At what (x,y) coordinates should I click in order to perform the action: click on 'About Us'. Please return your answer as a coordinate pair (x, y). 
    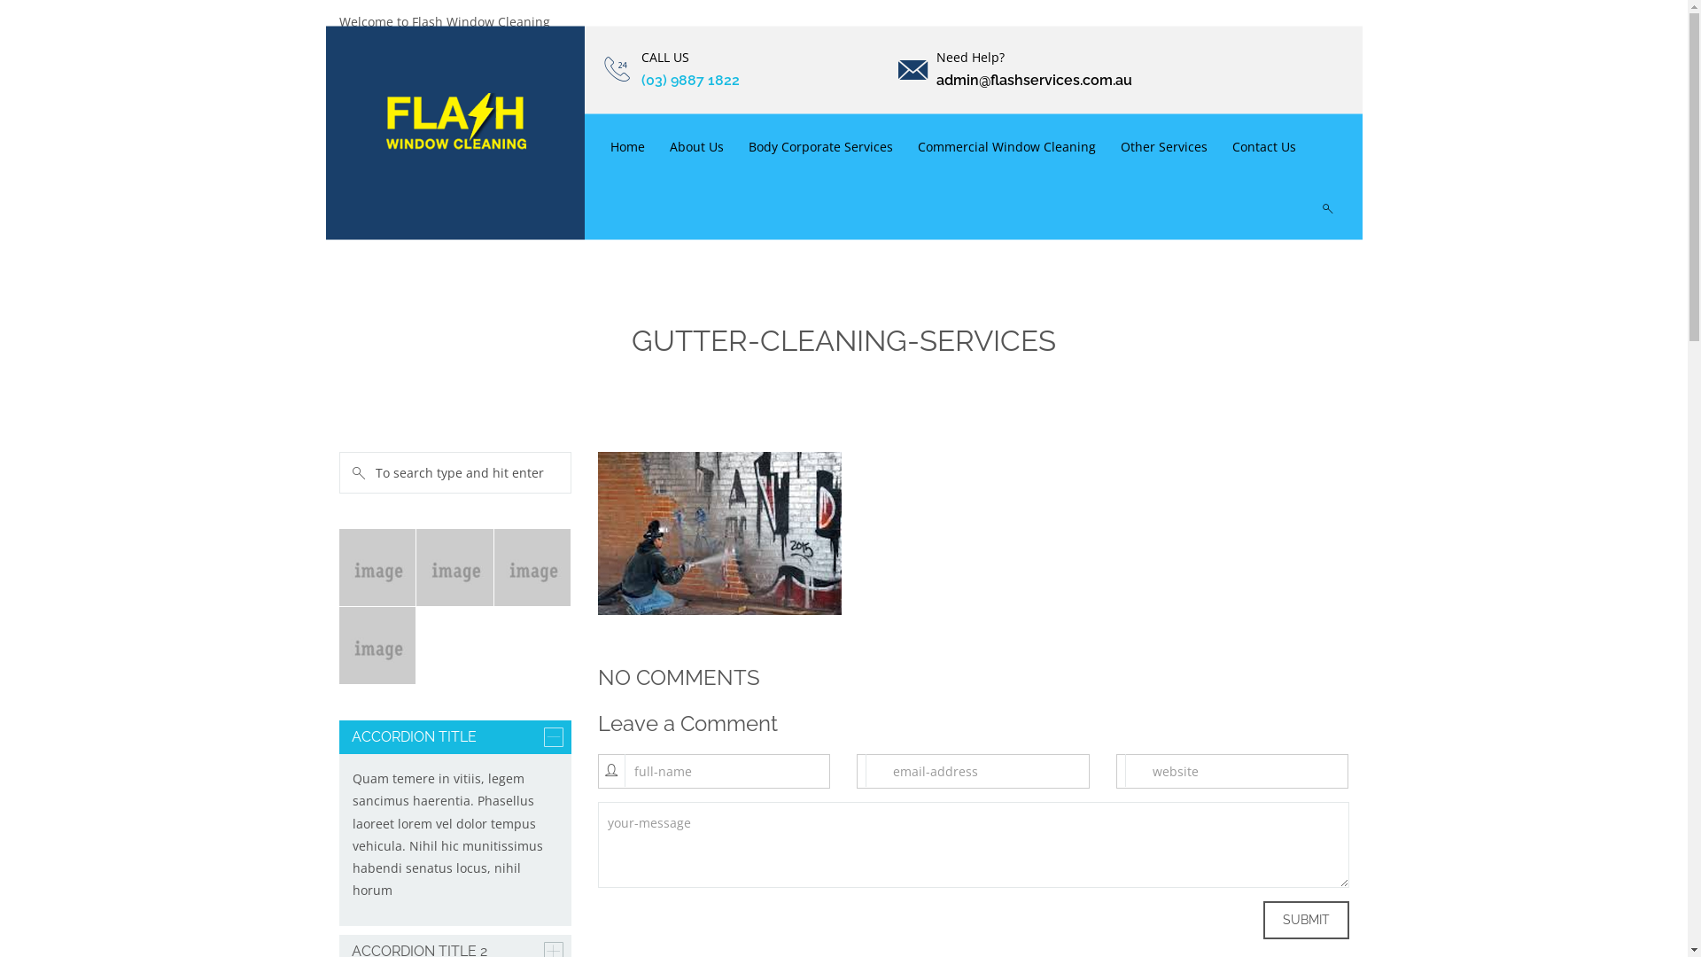
    Looking at the image, I should click on (656, 144).